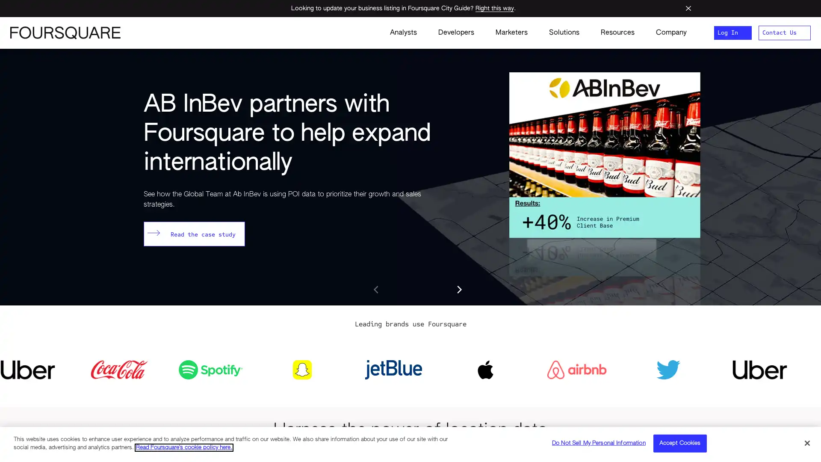 This screenshot has width=821, height=462. Describe the element at coordinates (665, 33) in the screenshot. I see `Company` at that location.